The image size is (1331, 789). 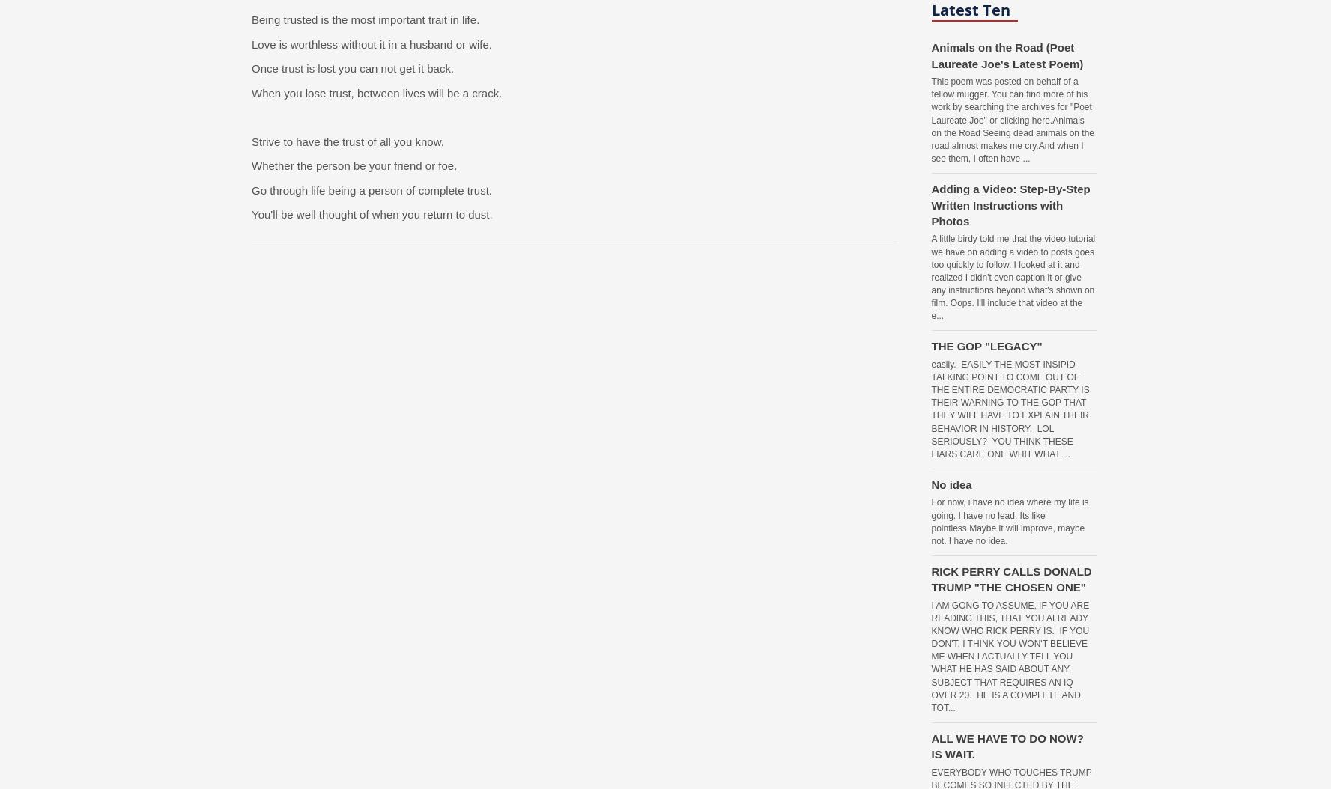 What do you see at coordinates (352, 67) in the screenshot?
I see `'Once trust is lost you can not get it back.'` at bounding box center [352, 67].